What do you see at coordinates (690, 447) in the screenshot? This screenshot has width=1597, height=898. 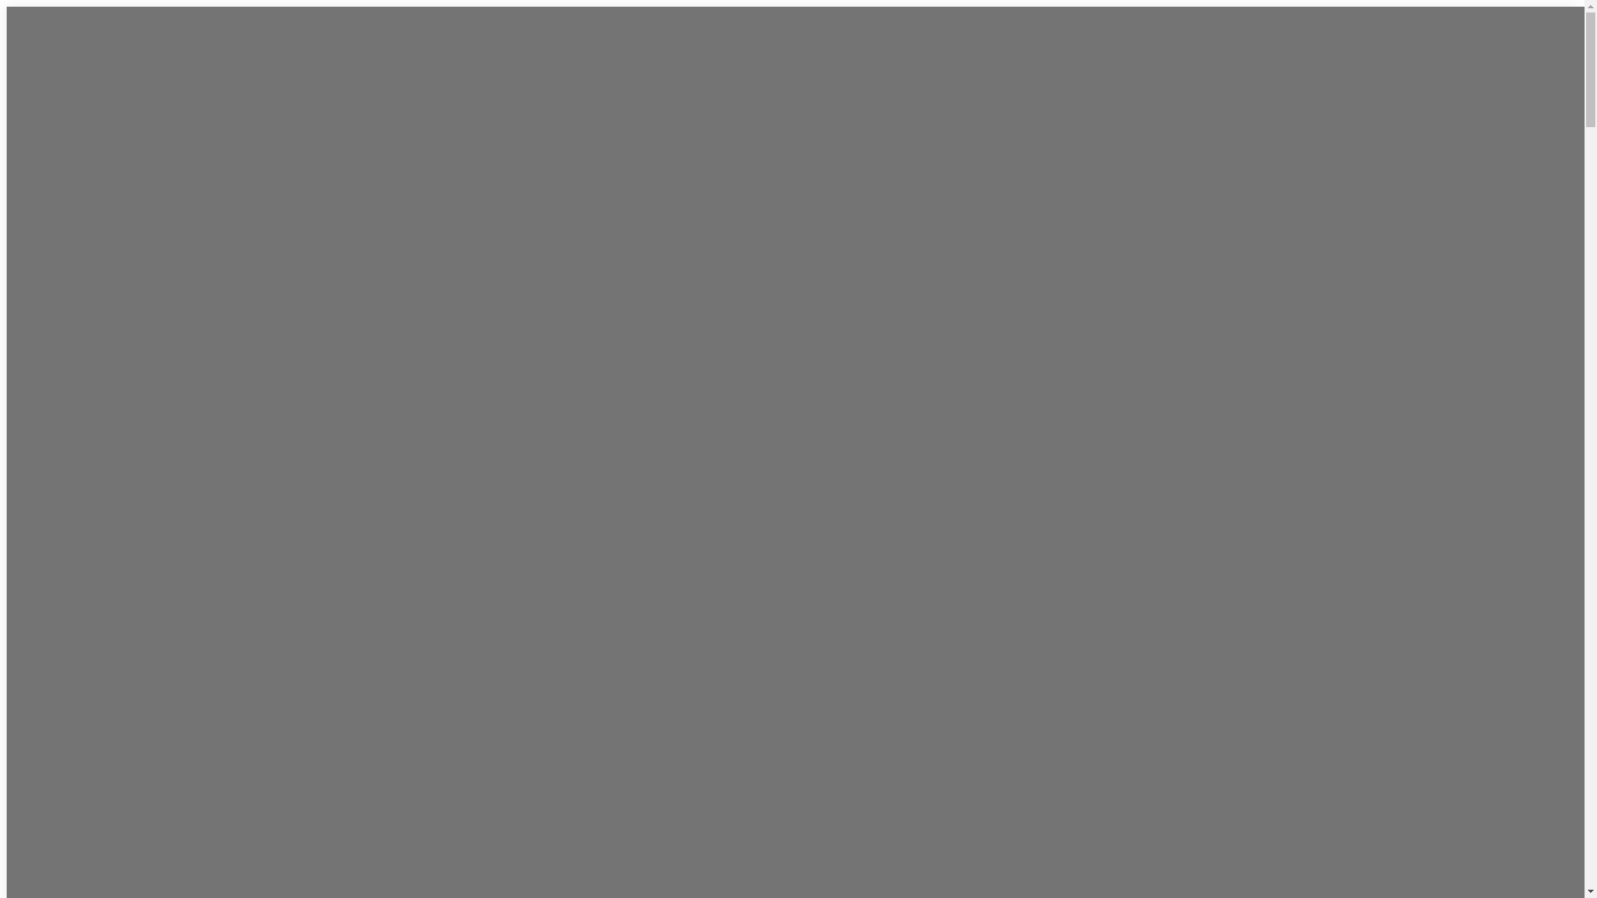 I see `'Lesley Finn'` at bounding box center [690, 447].